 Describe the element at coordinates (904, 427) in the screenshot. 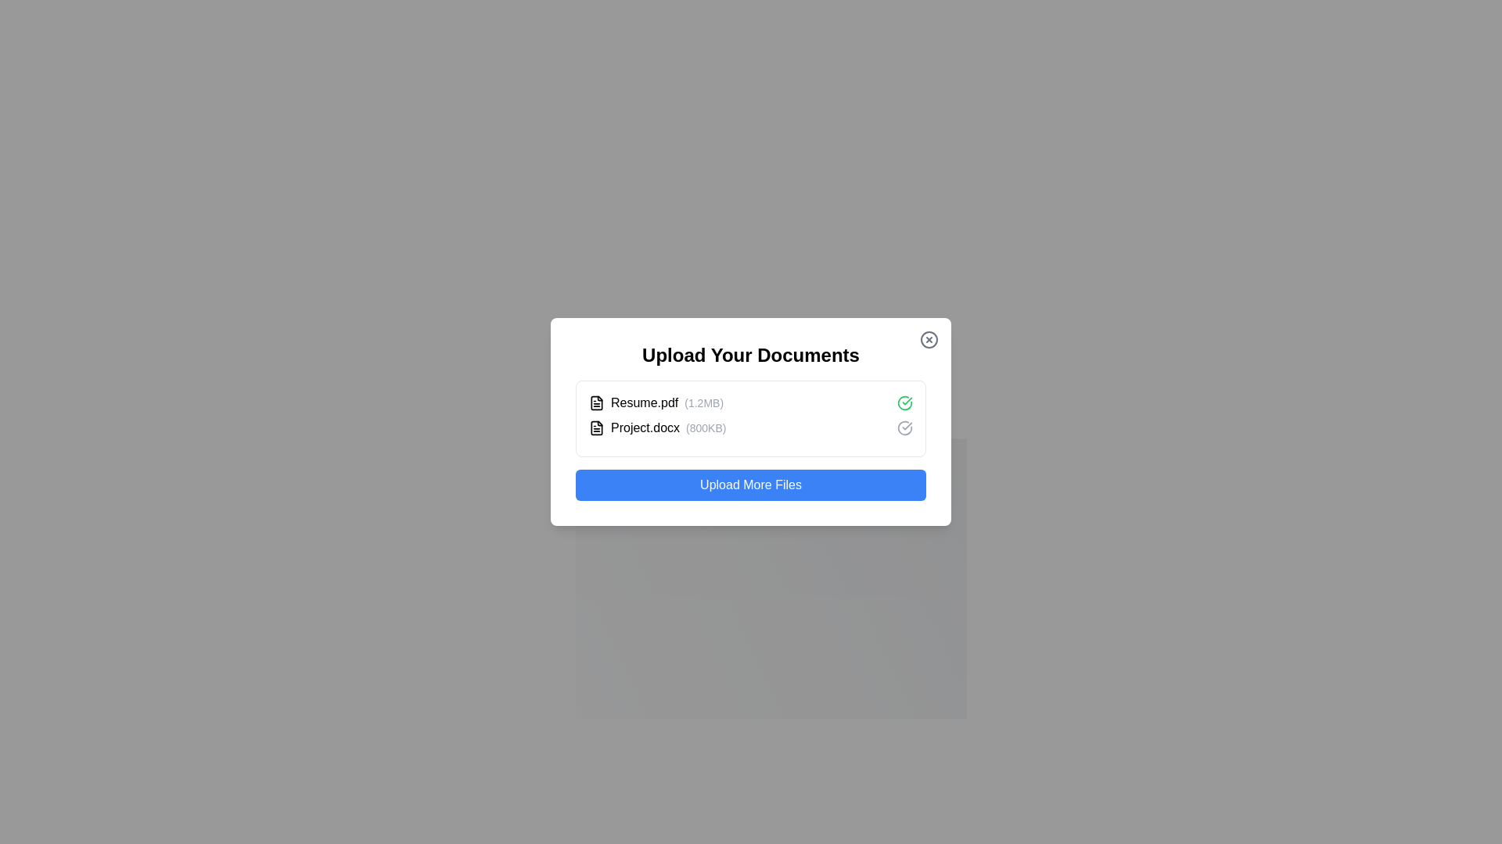

I see `the circular icon with a thin stroke and a checkmark inside, which is located to the far right of the 'Resume.pdf' file entry in the document upload interface` at that location.